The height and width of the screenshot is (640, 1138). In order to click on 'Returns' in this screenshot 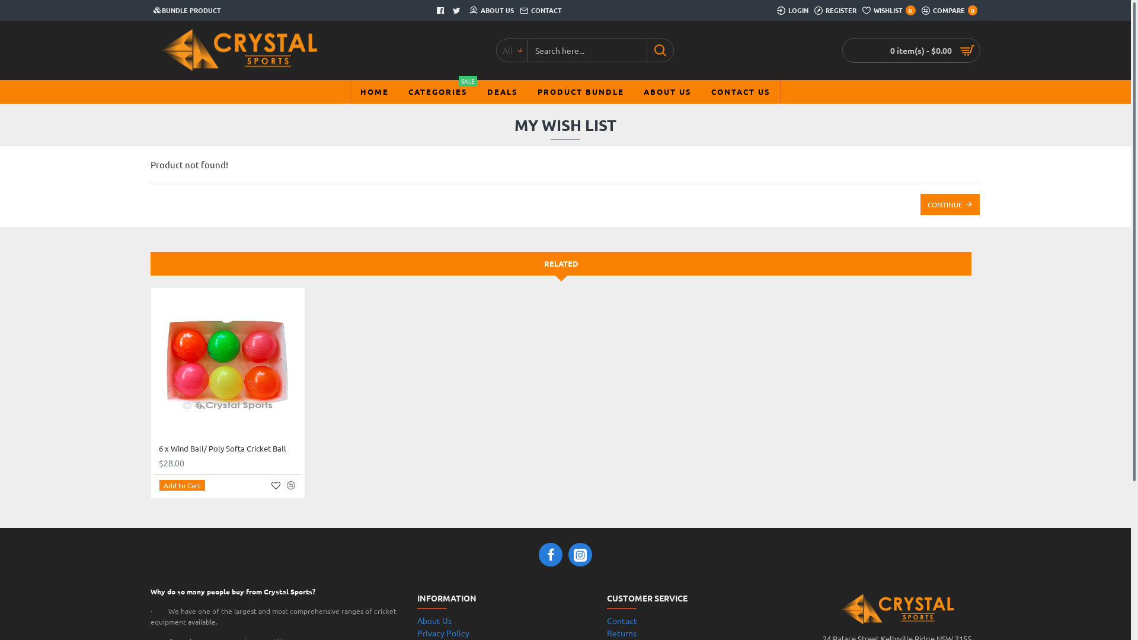, I will do `click(621, 632)`.